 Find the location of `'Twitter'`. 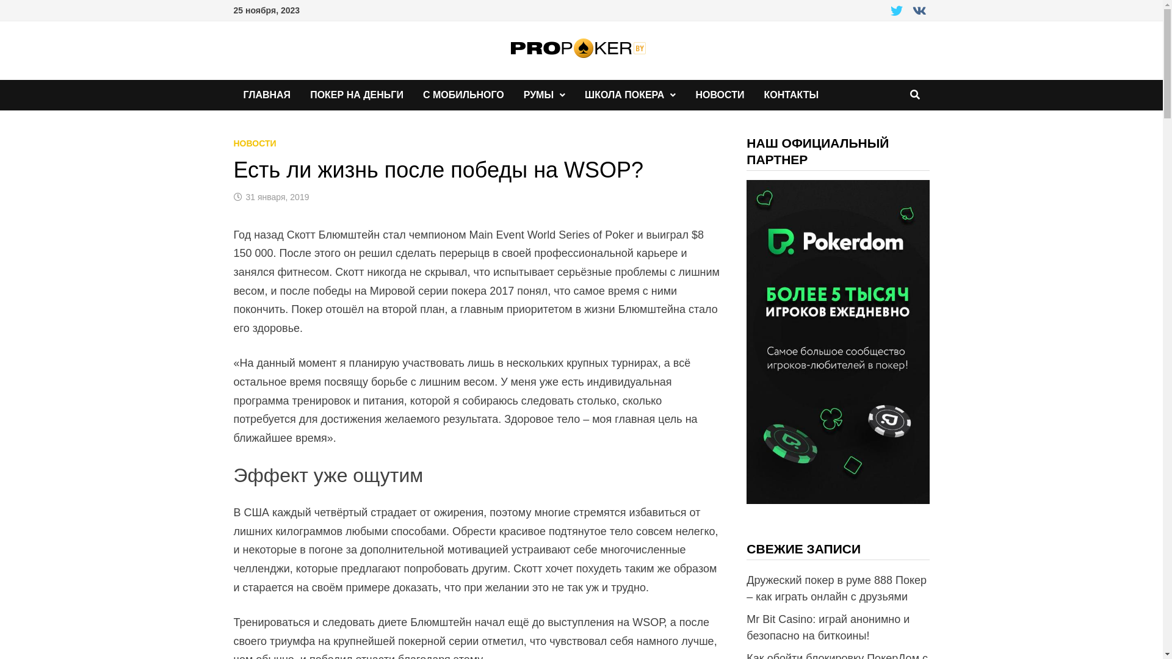

'Twitter' is located at coordinates (888, 12).